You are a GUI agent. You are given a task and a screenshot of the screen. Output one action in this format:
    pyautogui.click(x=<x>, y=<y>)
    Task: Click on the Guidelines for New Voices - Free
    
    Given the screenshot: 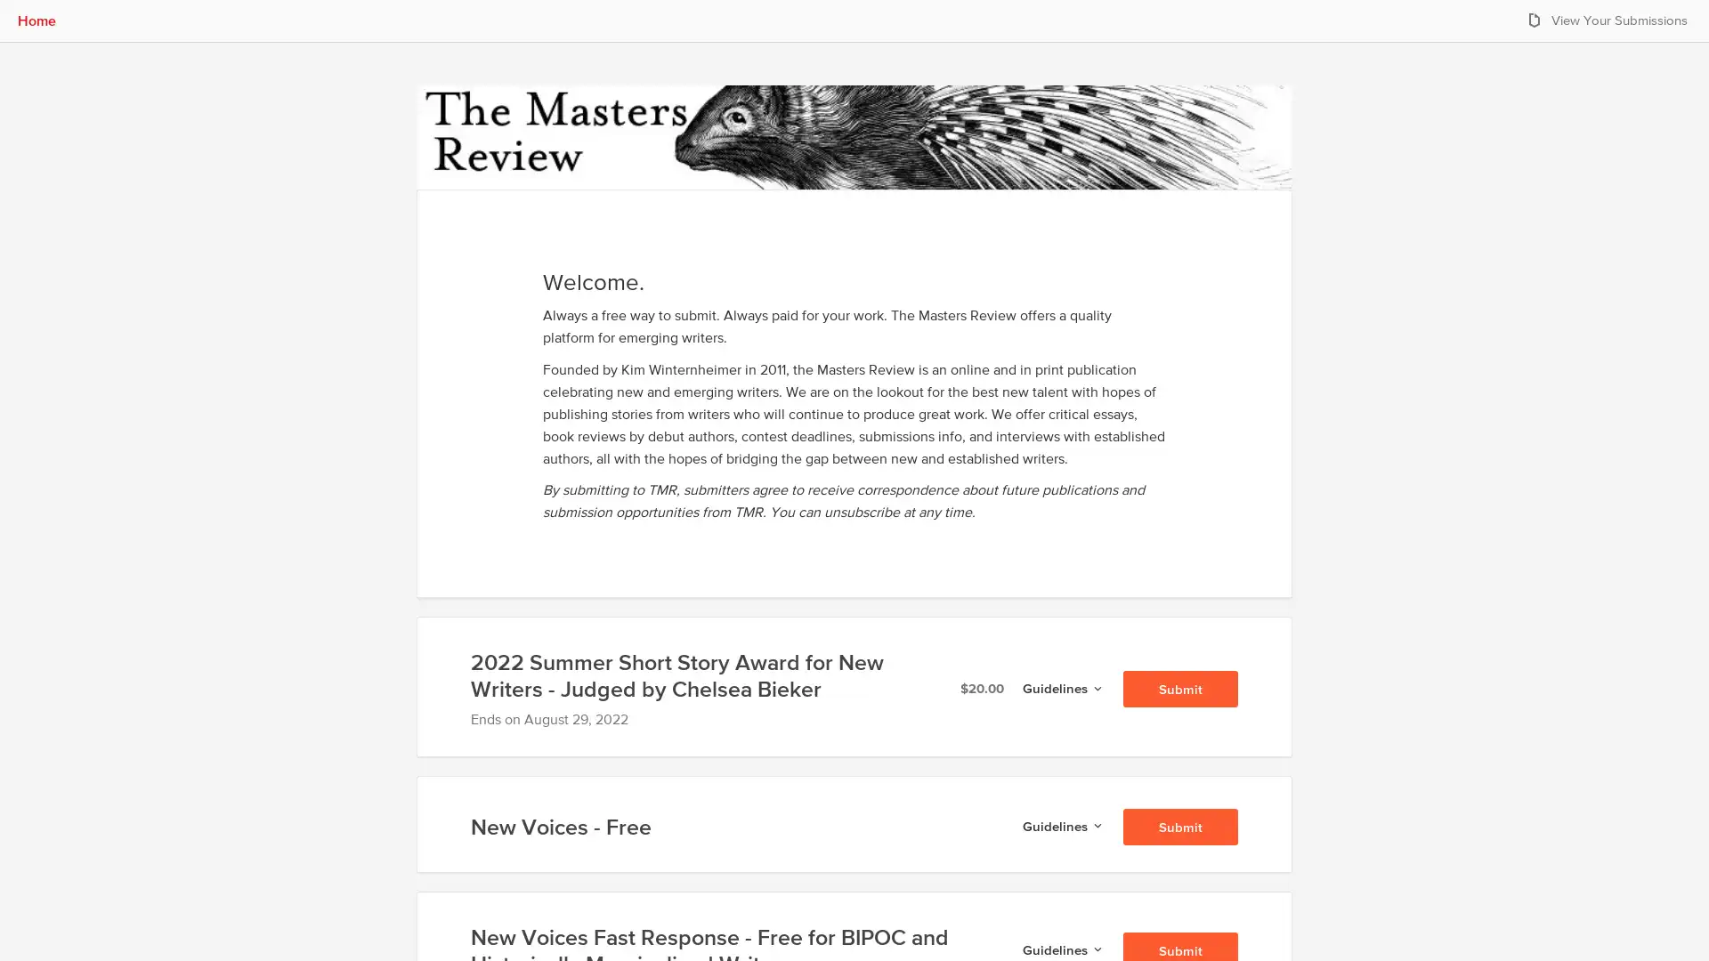 What is the action you would take?
    pyautogui.click(x=1064, y=824)
    